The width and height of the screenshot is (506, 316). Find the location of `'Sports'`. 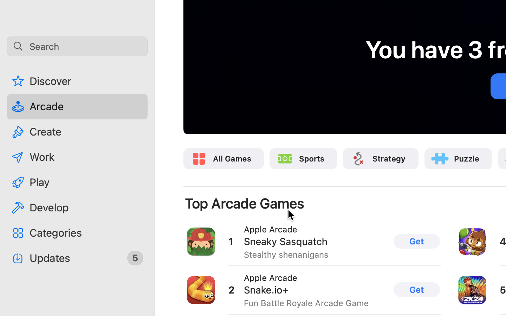

'Sports' is located at coordinates (311, 158).